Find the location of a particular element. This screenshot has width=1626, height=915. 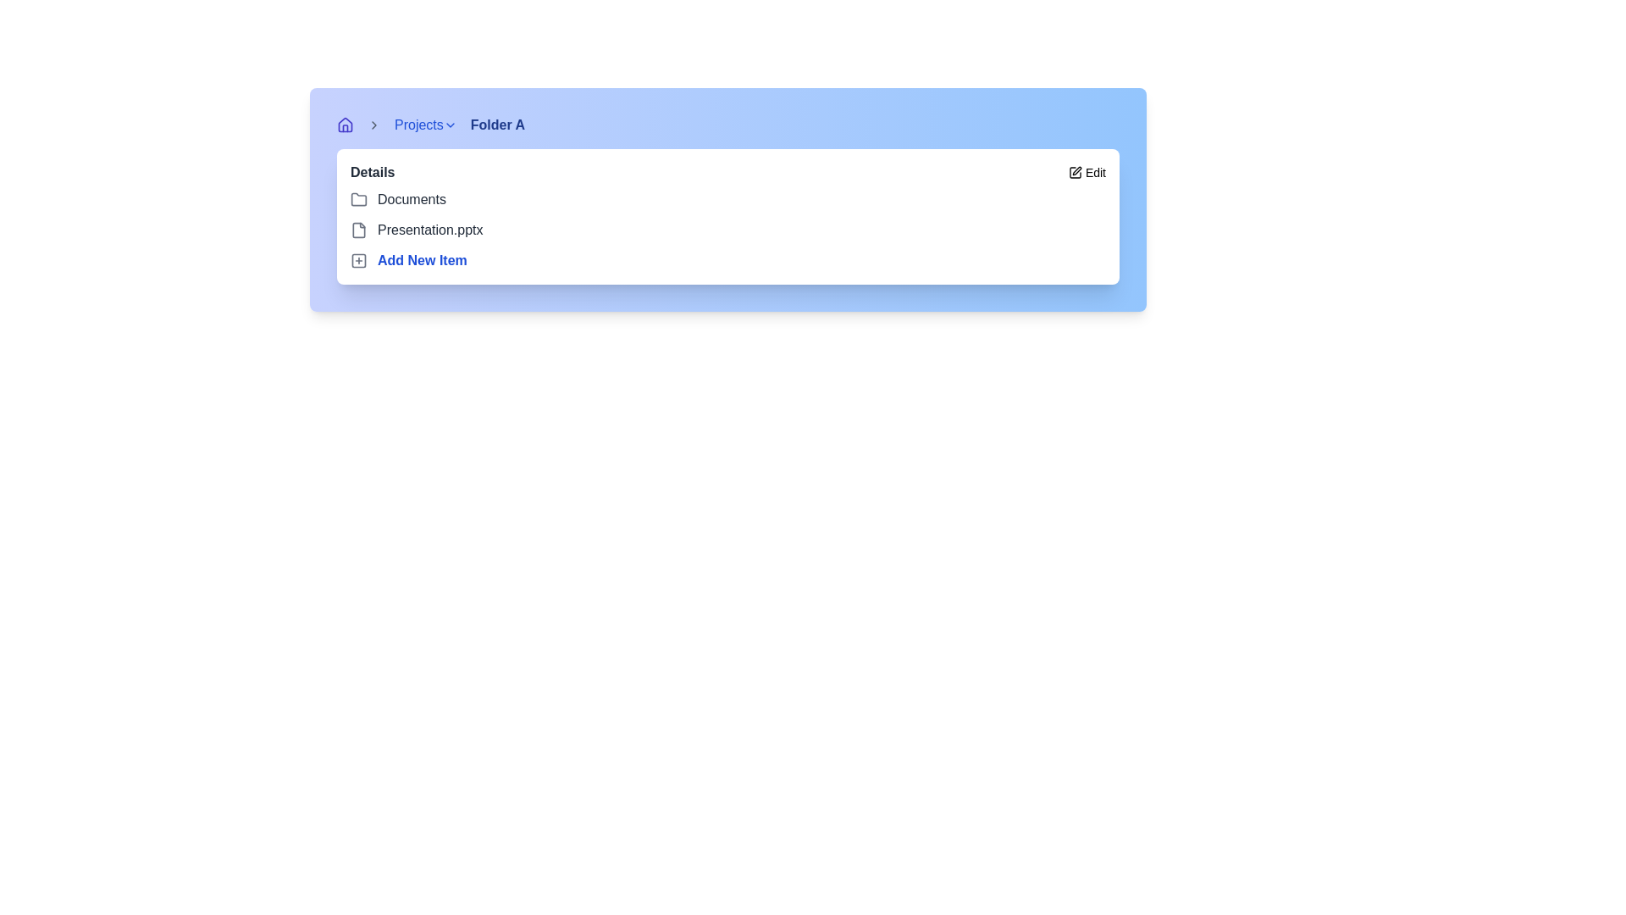

the folder icon located in the upper-left area of the white pane, next to the 'Documents' label is located at coordinates (357, 198).